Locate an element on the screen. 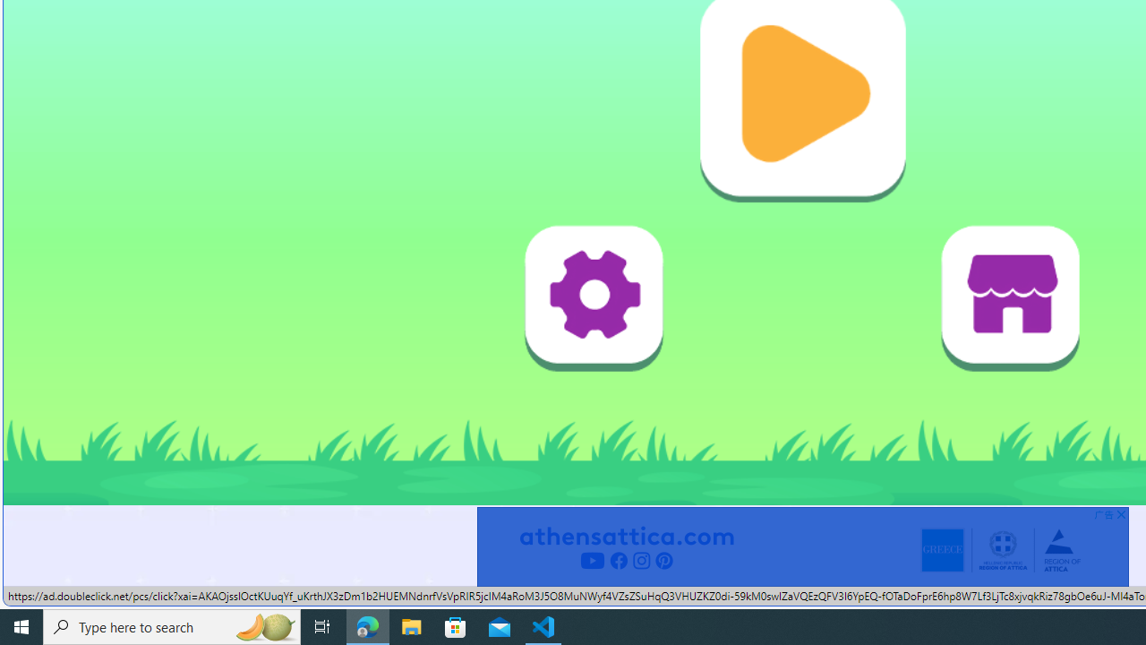  'Advertisement' is located at coordinates (801, 546).